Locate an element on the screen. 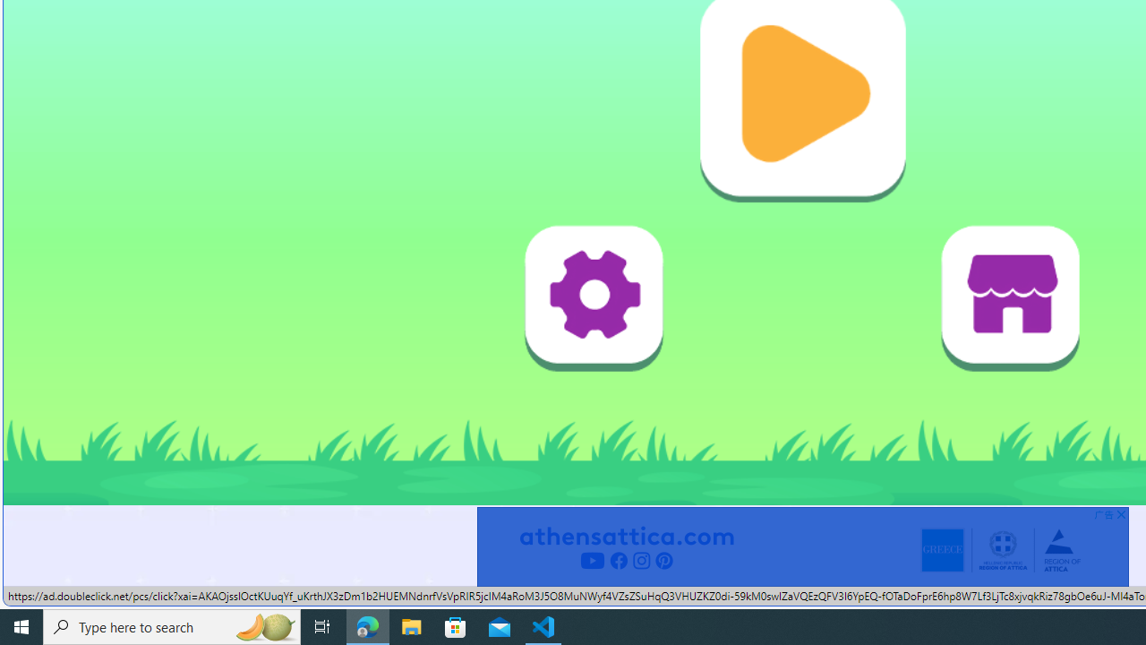  'Advertisement' is located at coordinates (801, 546).